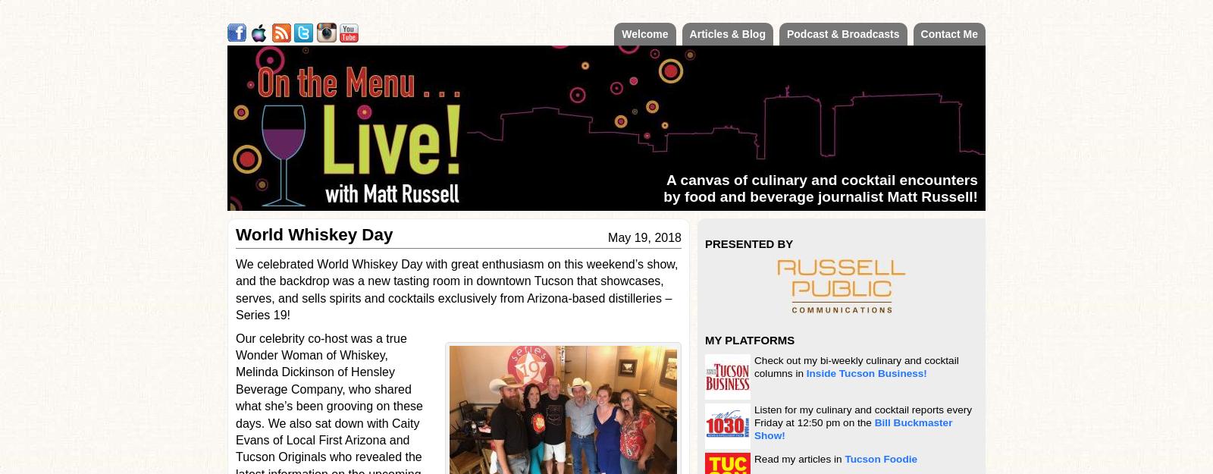  I want to click on 'by food and beverage journalist Matt Russell!', so click(820, 196).